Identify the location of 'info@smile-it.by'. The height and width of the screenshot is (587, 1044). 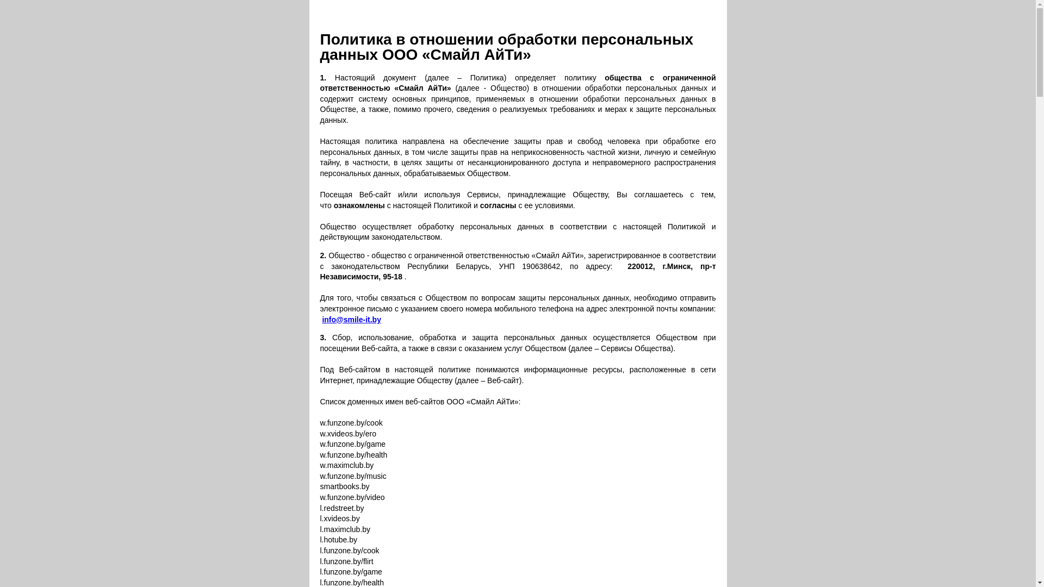
(351, 319).